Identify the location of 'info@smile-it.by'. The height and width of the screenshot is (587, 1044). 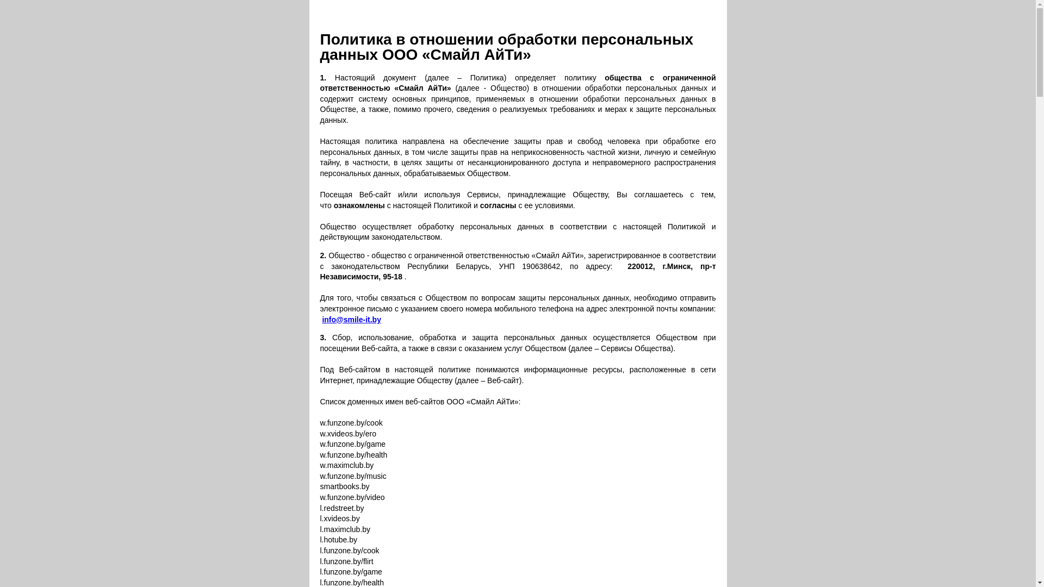
(351, 319).